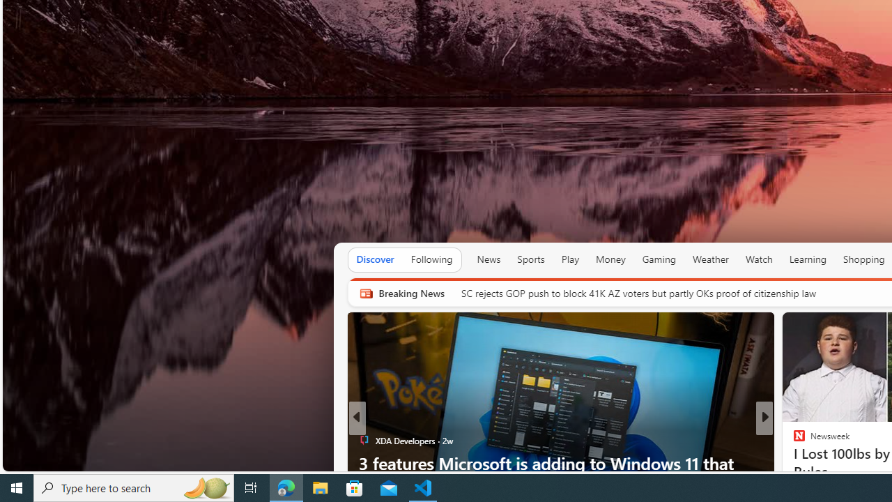  I want to click on 'Shopping', so click(863, 259).